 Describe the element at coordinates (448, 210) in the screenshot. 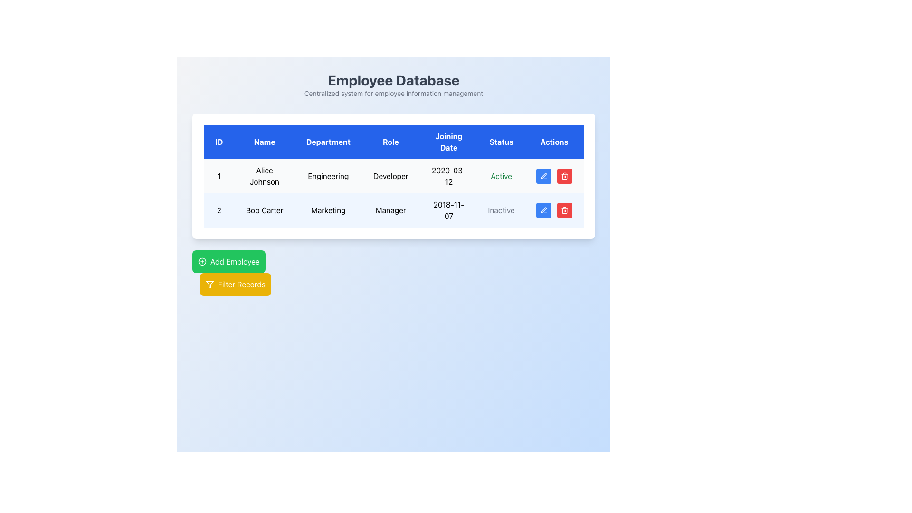

I see `the text label displaying '2018-11-07' located in the 'Joining Date' column for 'Bob Carter' in the second row of the table` at that location.